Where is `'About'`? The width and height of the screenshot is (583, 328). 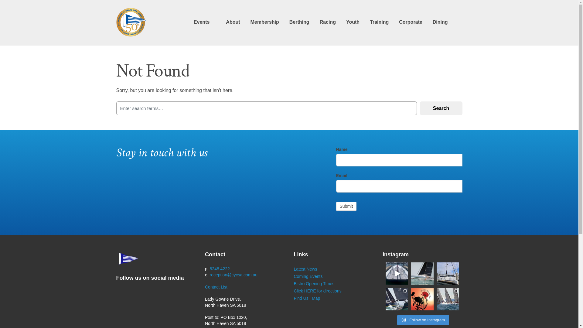
'About' is located at coordinates (233, 22).